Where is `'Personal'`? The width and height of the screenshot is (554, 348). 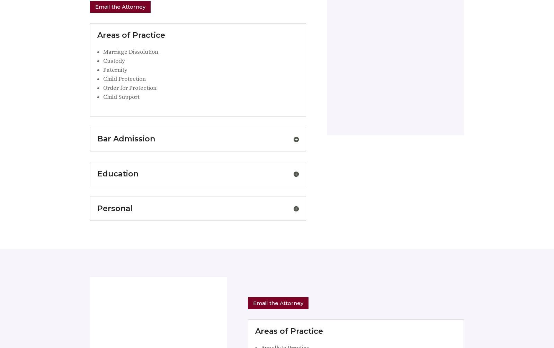 'Personal' is located at coordinates (115, 208).